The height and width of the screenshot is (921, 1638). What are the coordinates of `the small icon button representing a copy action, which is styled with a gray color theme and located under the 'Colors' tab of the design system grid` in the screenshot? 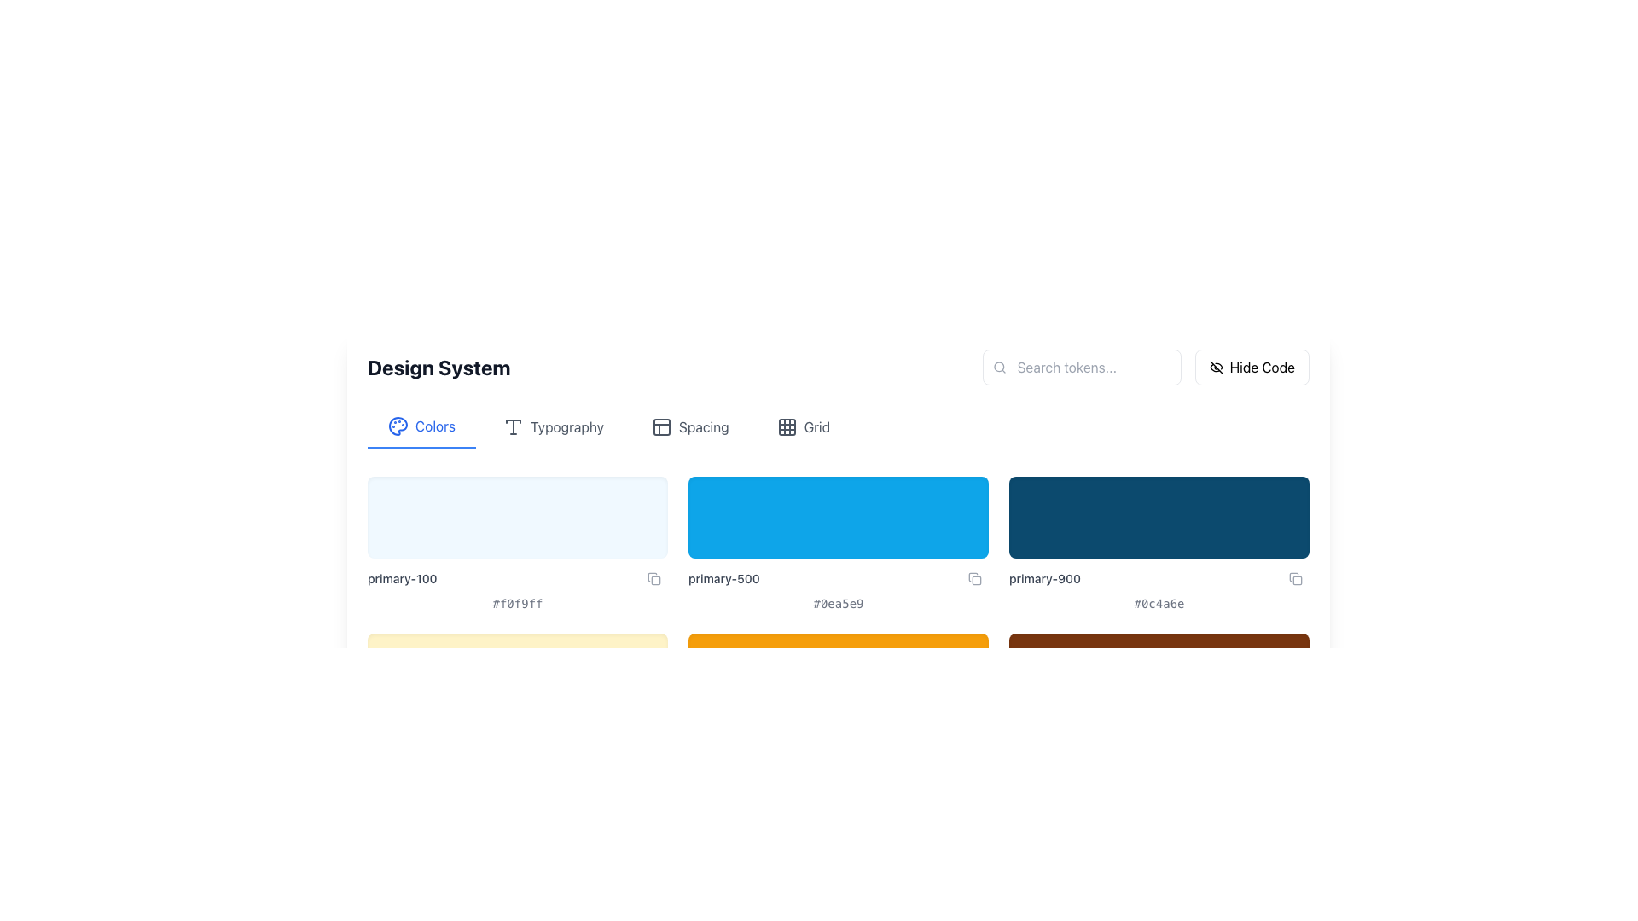 It's located at (974, 577).